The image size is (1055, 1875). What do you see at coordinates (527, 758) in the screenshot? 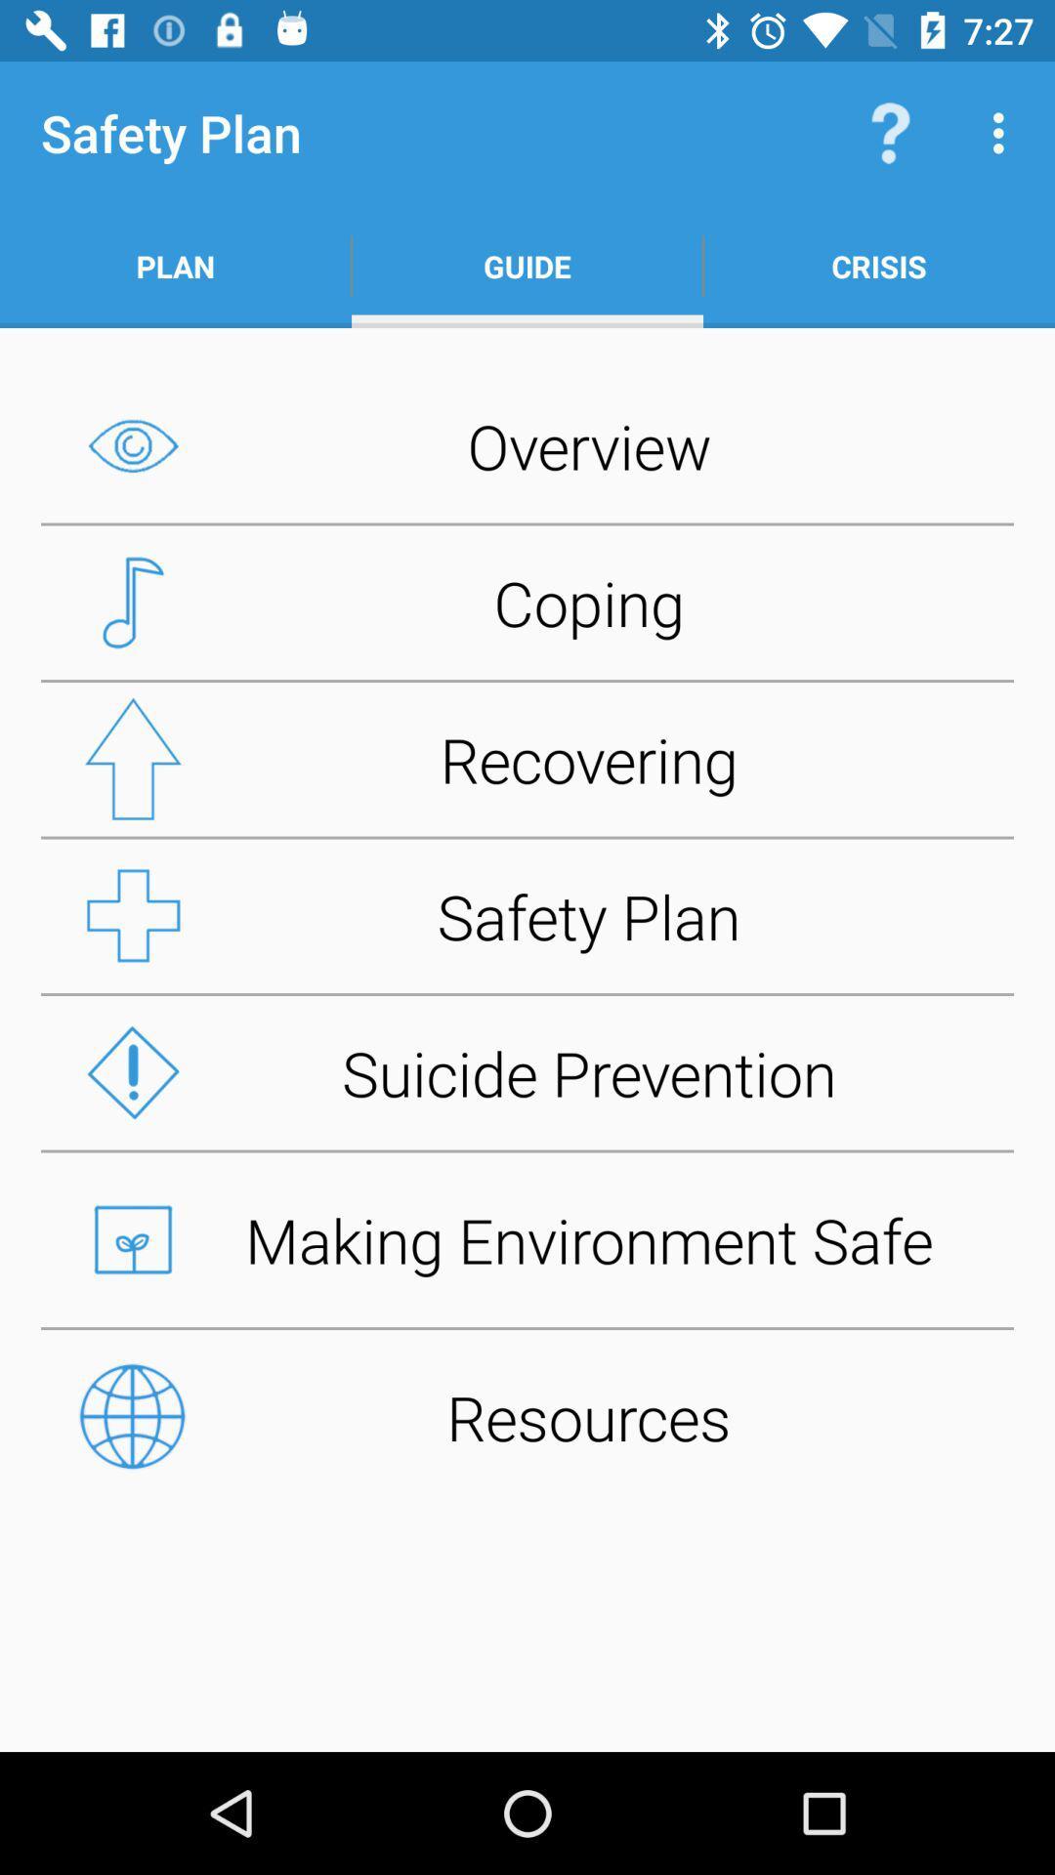
I see `the recovering icon` at bounding box center [527, 758].